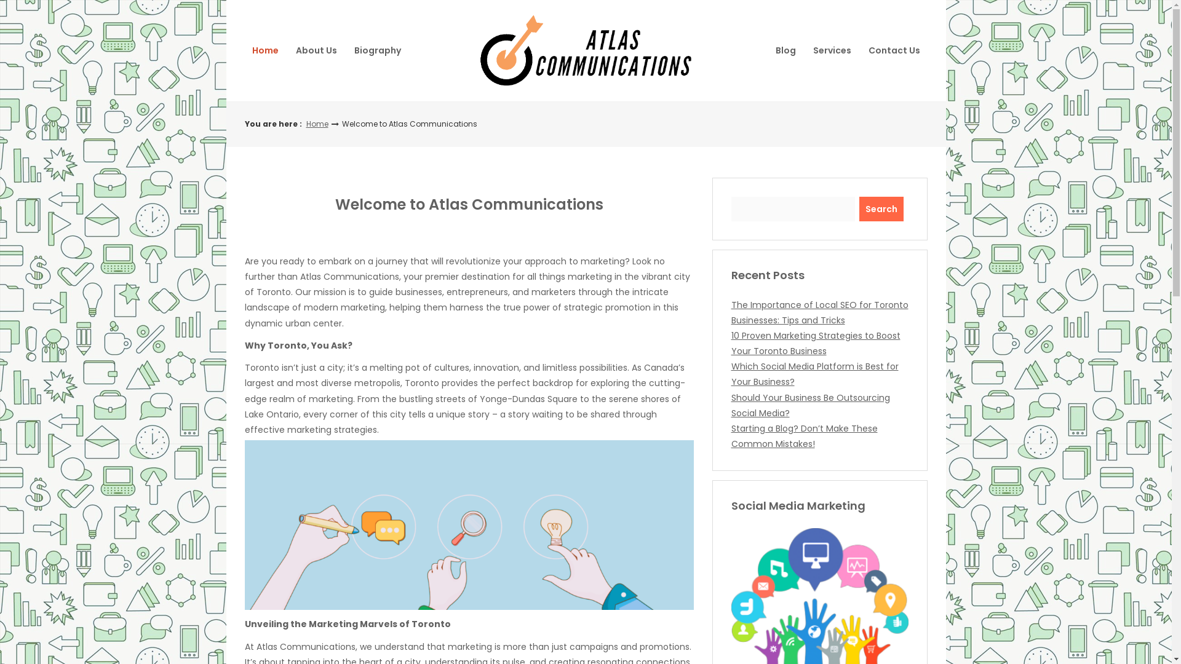 The height and width of the screenshot is (664, 1181). Describe the element at coordinates (881, 208) in the screenshot. I see `'Search'` at that location.